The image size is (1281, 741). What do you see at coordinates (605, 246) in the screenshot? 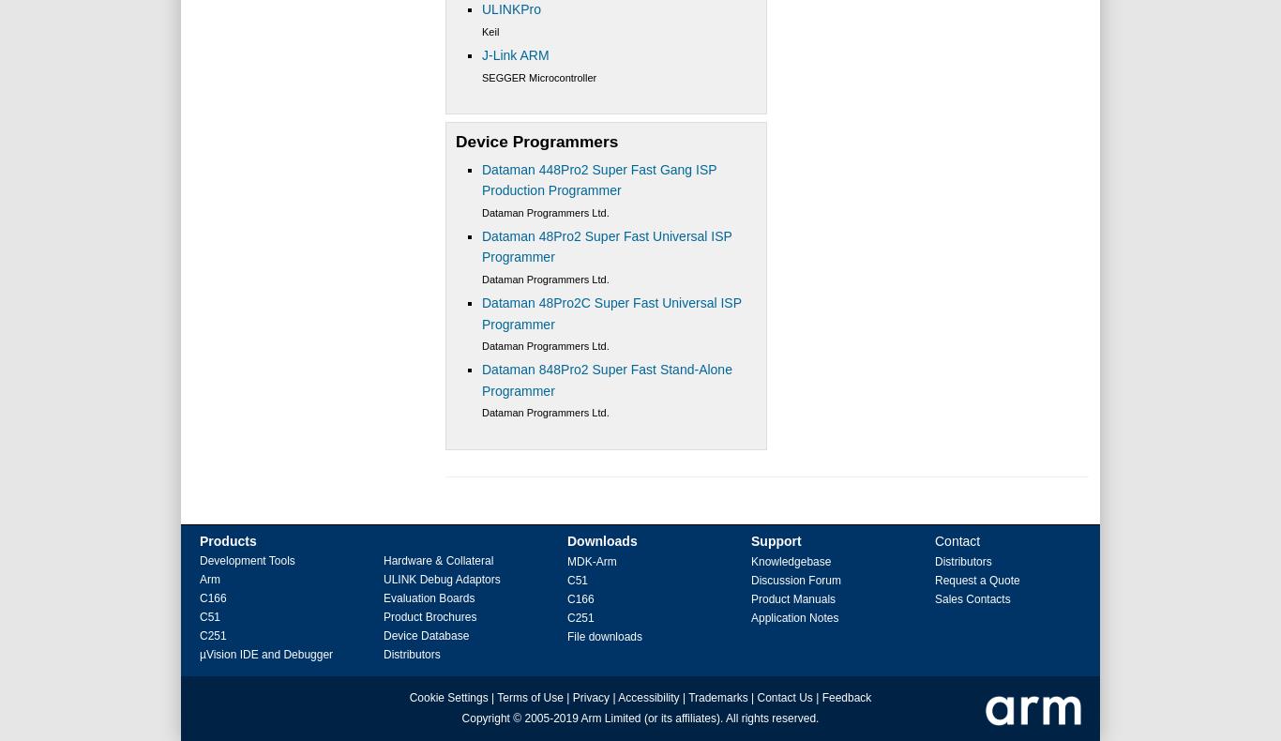
I see `'Dataman 48Pro2 Super Fast Universal ISP Programmer'` at bounding box center [605, 246].